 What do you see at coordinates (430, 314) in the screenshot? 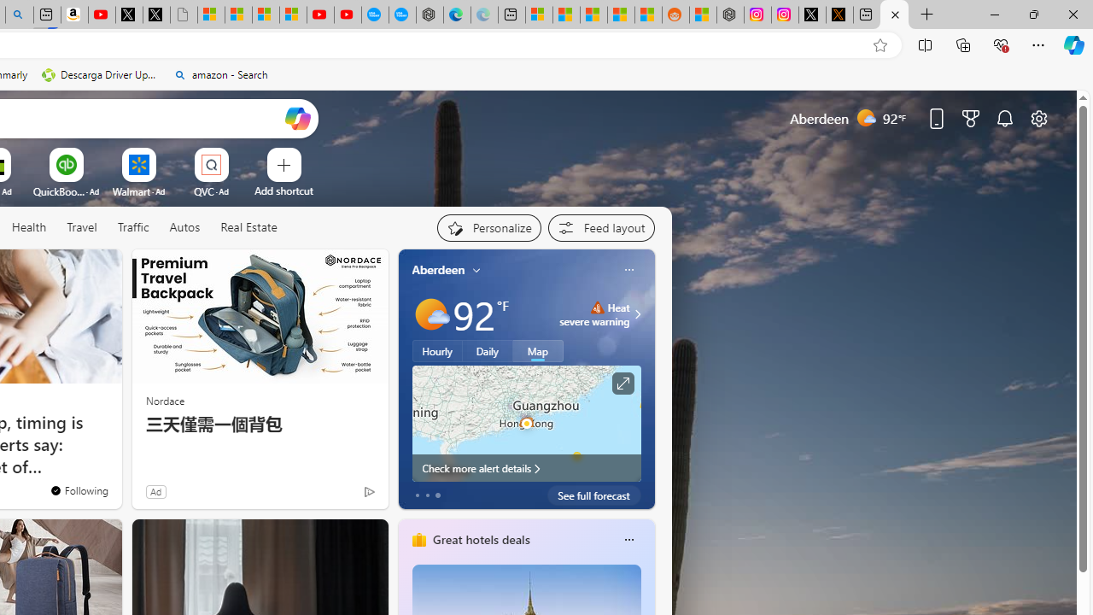
I see `'Mostly sunny'` at bounding box center [430, 314].